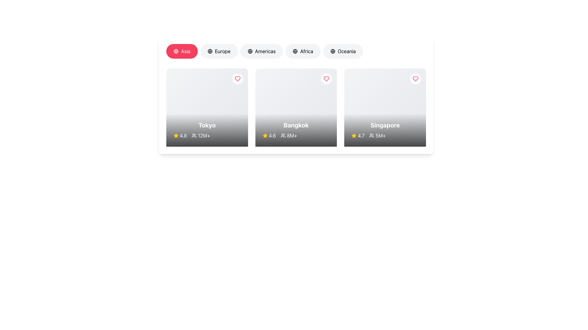 Image resolution: width=588 pixels, height=330 pixels. I want to click on the informative icon representing user statistics located beside the '5M+' text in the lower portion of the Singapore card, so click(371, 135).